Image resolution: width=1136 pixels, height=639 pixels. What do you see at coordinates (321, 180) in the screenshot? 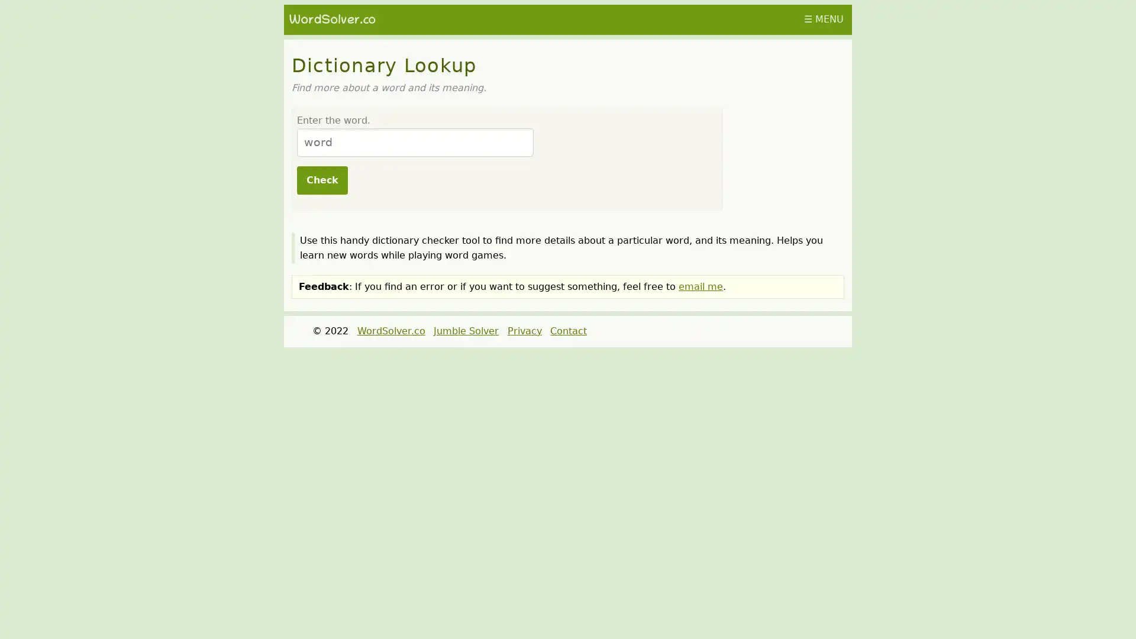
I see `Check` at bounding box center [321, 180].